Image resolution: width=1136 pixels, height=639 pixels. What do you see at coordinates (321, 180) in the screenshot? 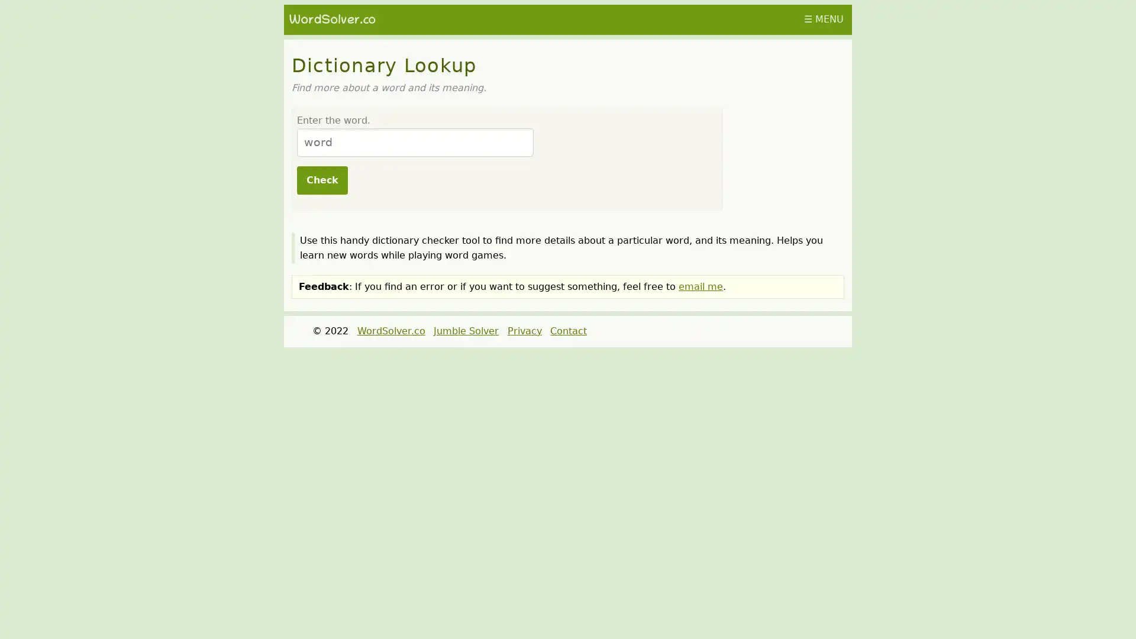
I see `Check` at bounding box center [321, 180].